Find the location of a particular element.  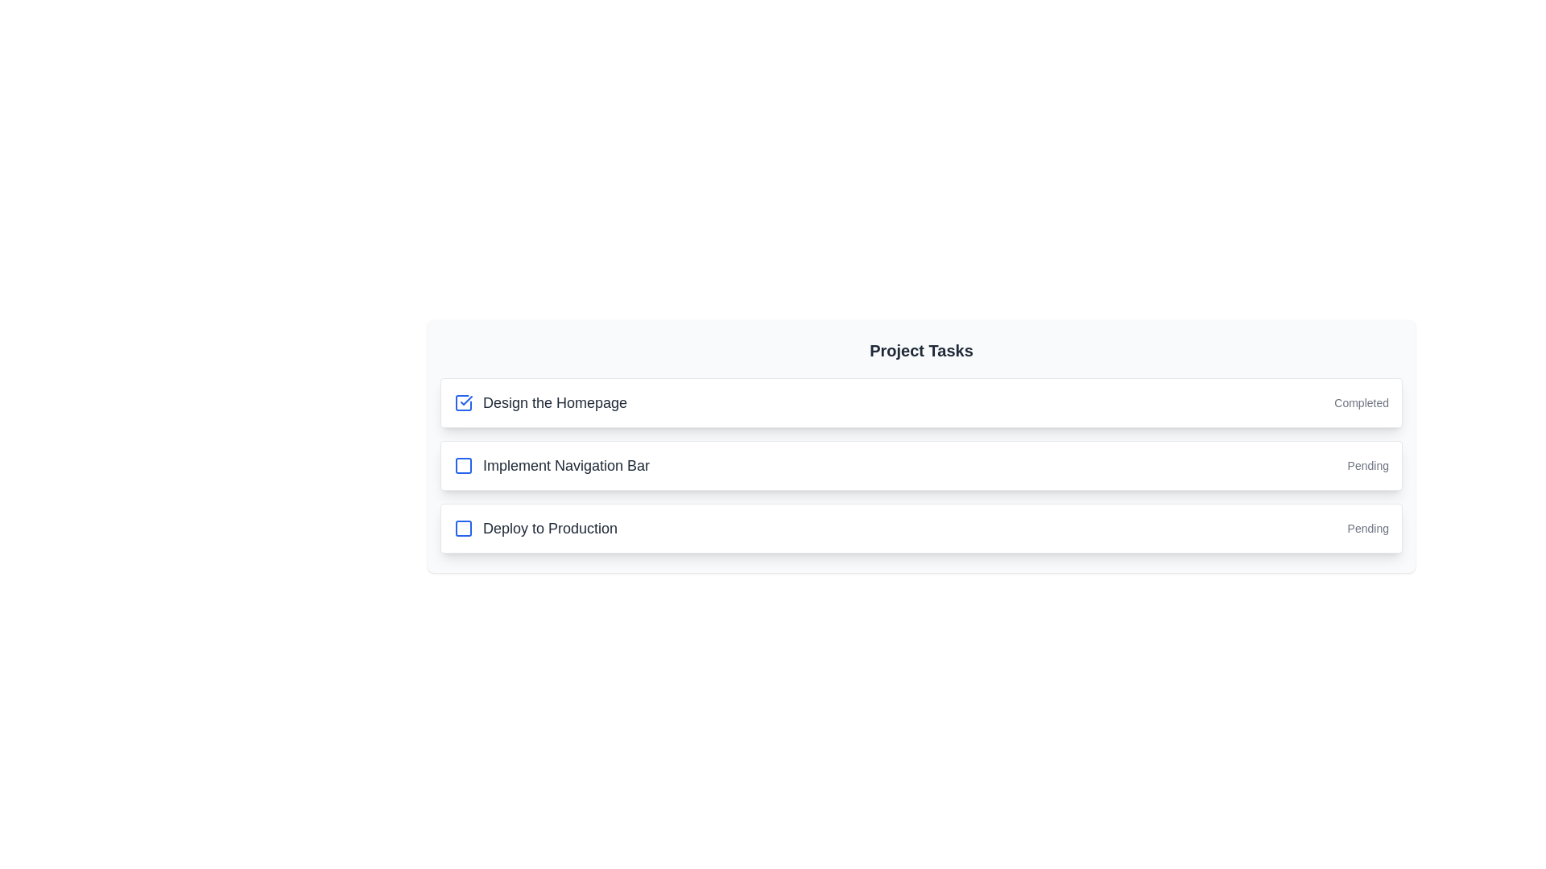

the 'Project Tasks' text header, which is displayed in large, bold, deep gray font at the top center of the task list section is located at coordinates (921, 349).